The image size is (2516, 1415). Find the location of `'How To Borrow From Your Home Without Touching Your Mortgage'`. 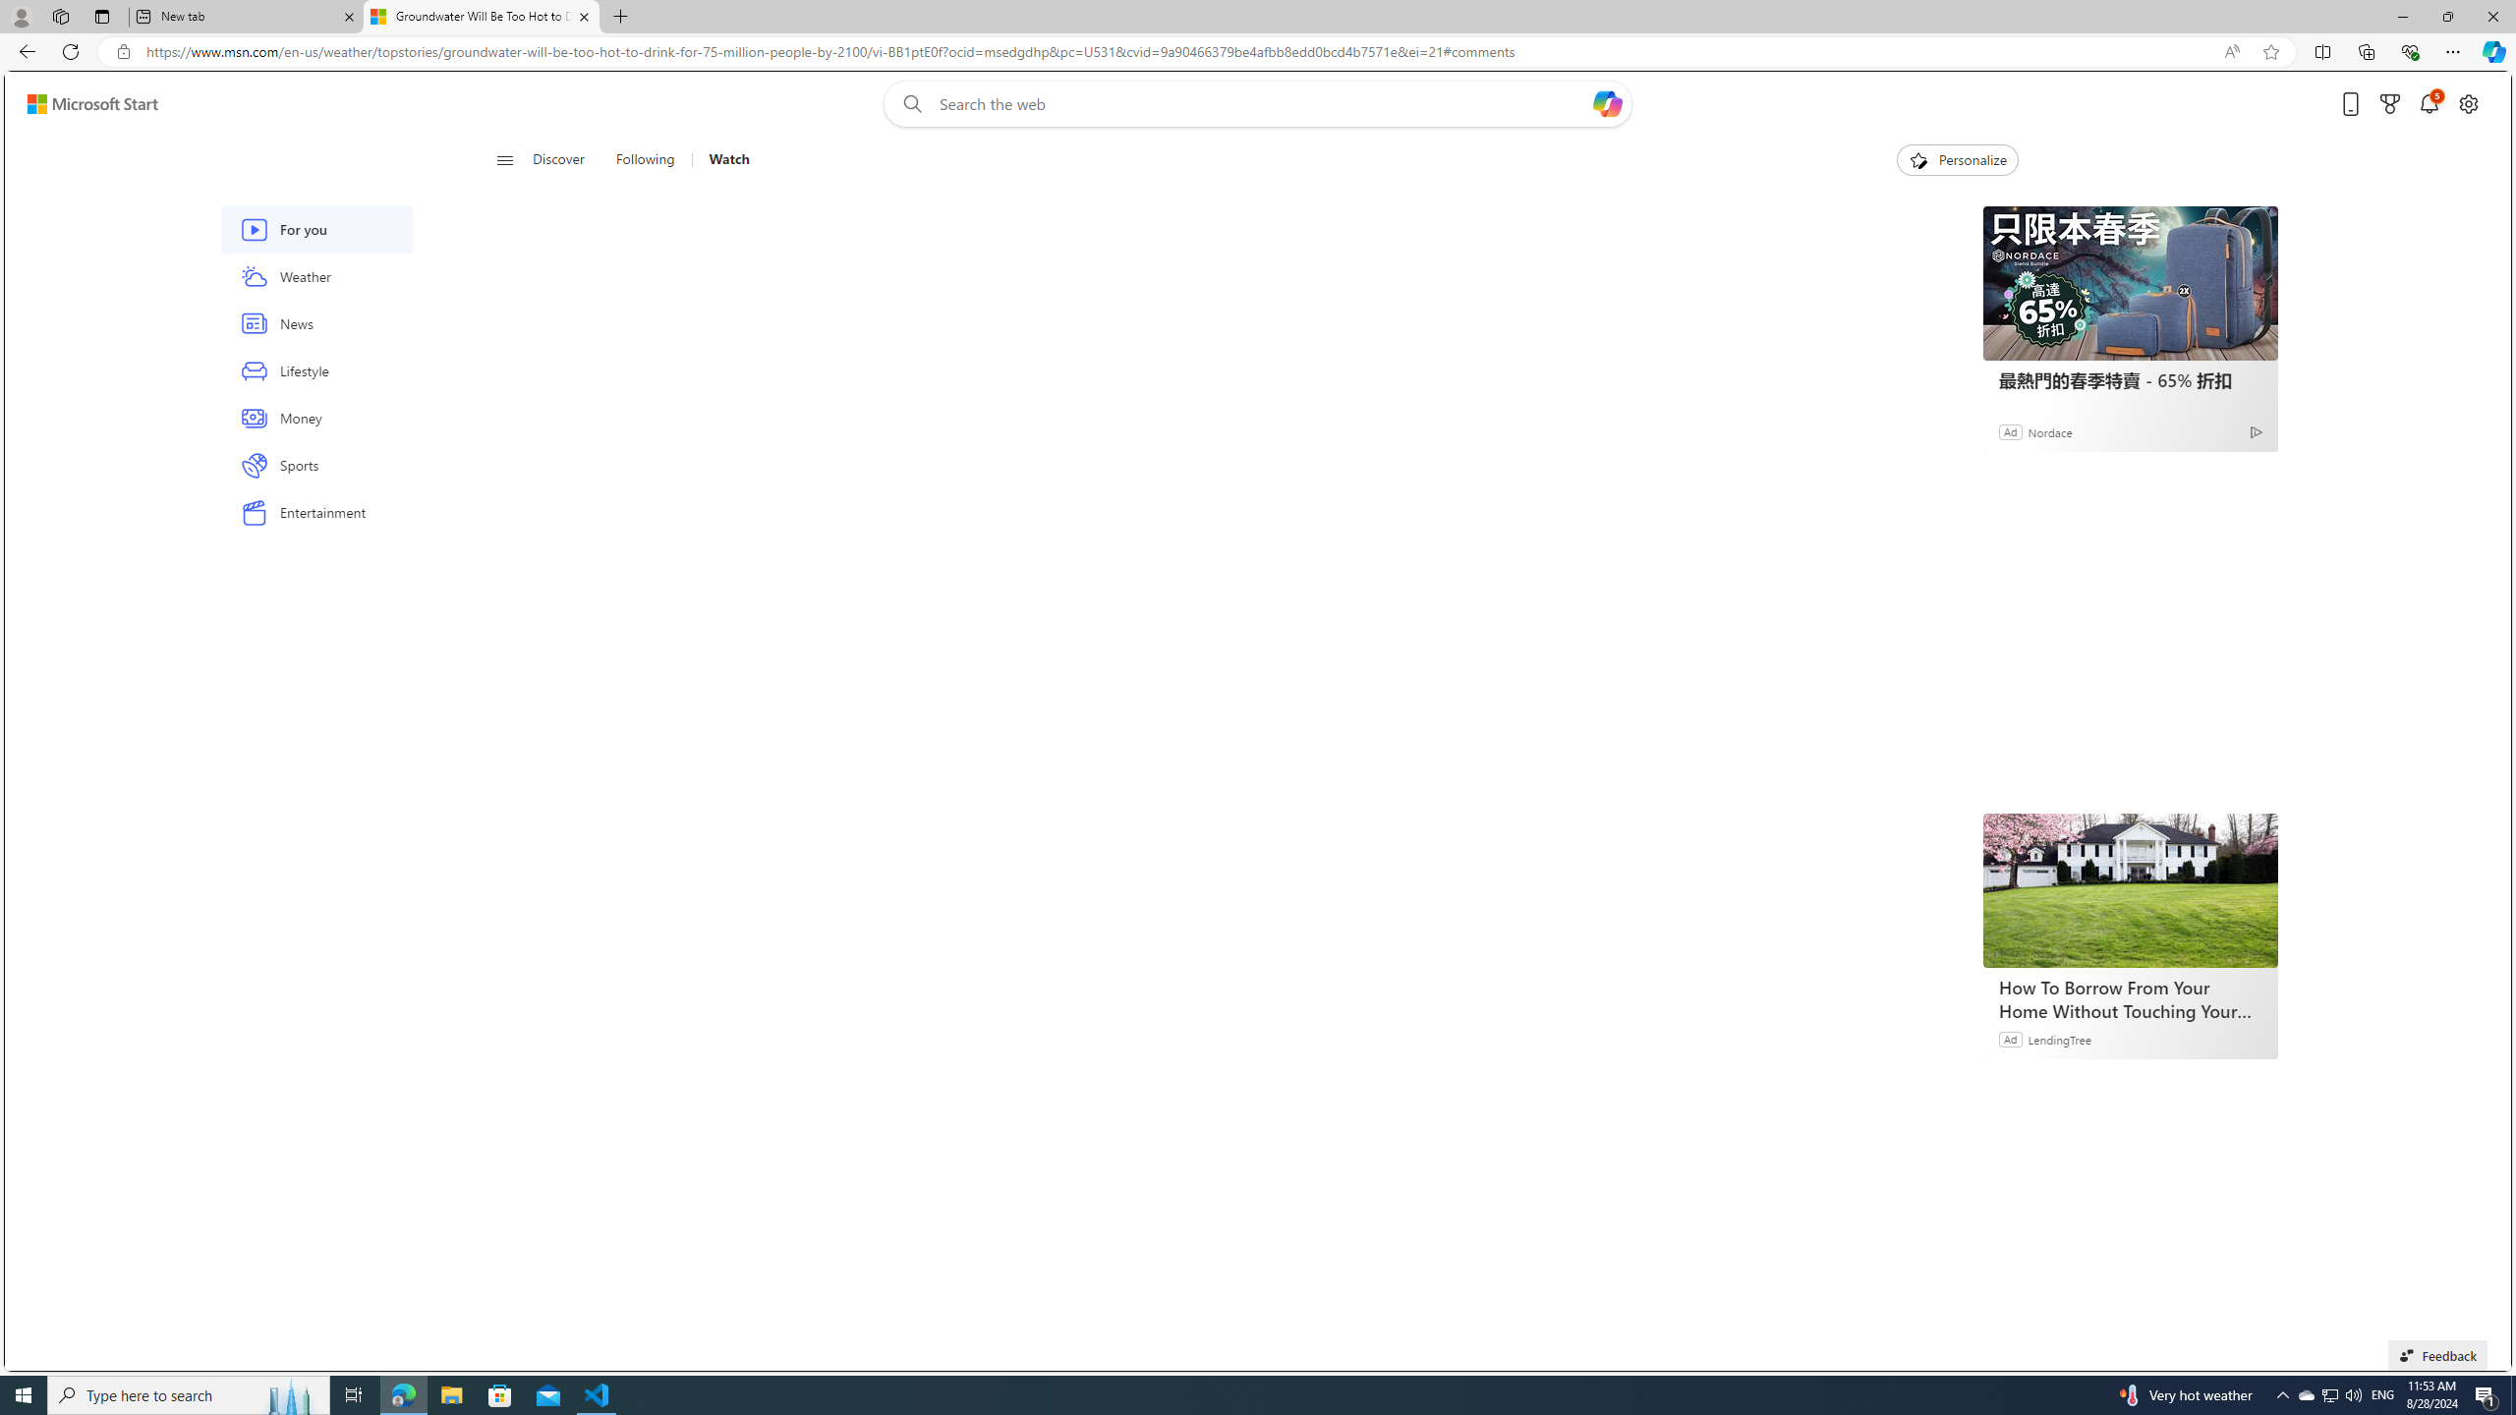

'How To Borrow From Your Home Without Touching Your Mortgage' is located at coordinates (2129, 889).